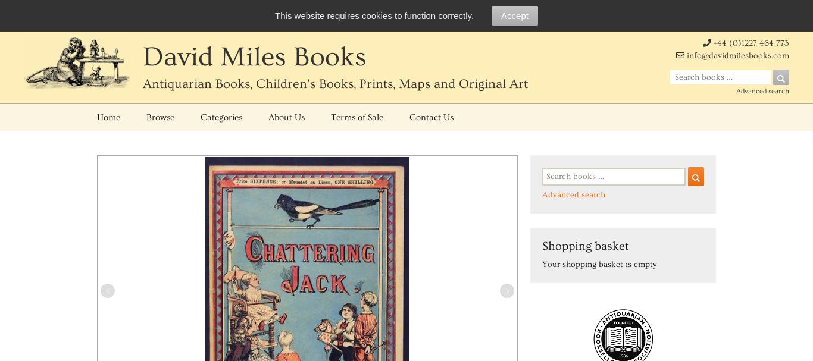 Image resolution: width=813 pixels, height=361 pixels. Describe the element at coordinates (220, 117) in the screenshot. I see `'Categories'` at that location.